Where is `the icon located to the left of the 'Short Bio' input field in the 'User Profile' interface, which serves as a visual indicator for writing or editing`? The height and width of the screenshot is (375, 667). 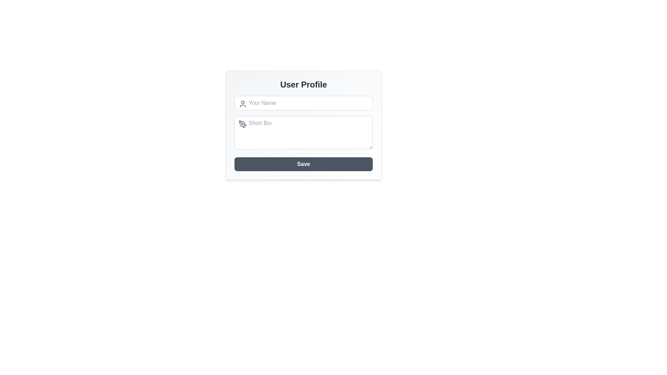
the icon located to the left of the 'Short Bio' input field in the 'User Profile' interface, which serves as a visual indicator for writing or editing is located at coordinates (243, 124).